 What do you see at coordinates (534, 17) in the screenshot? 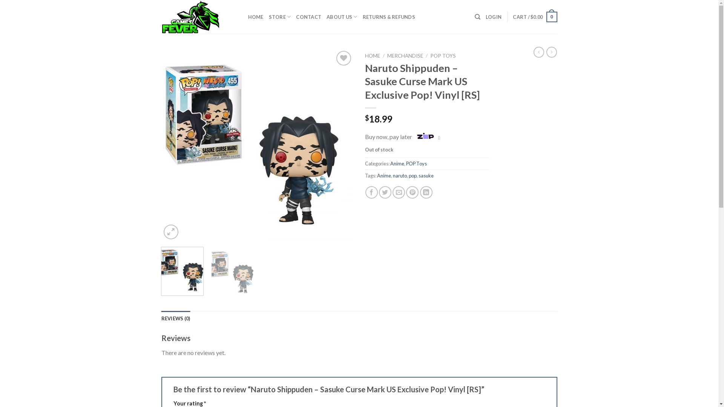
I see `'CART / $0.00` at bounding box center [534, 17].